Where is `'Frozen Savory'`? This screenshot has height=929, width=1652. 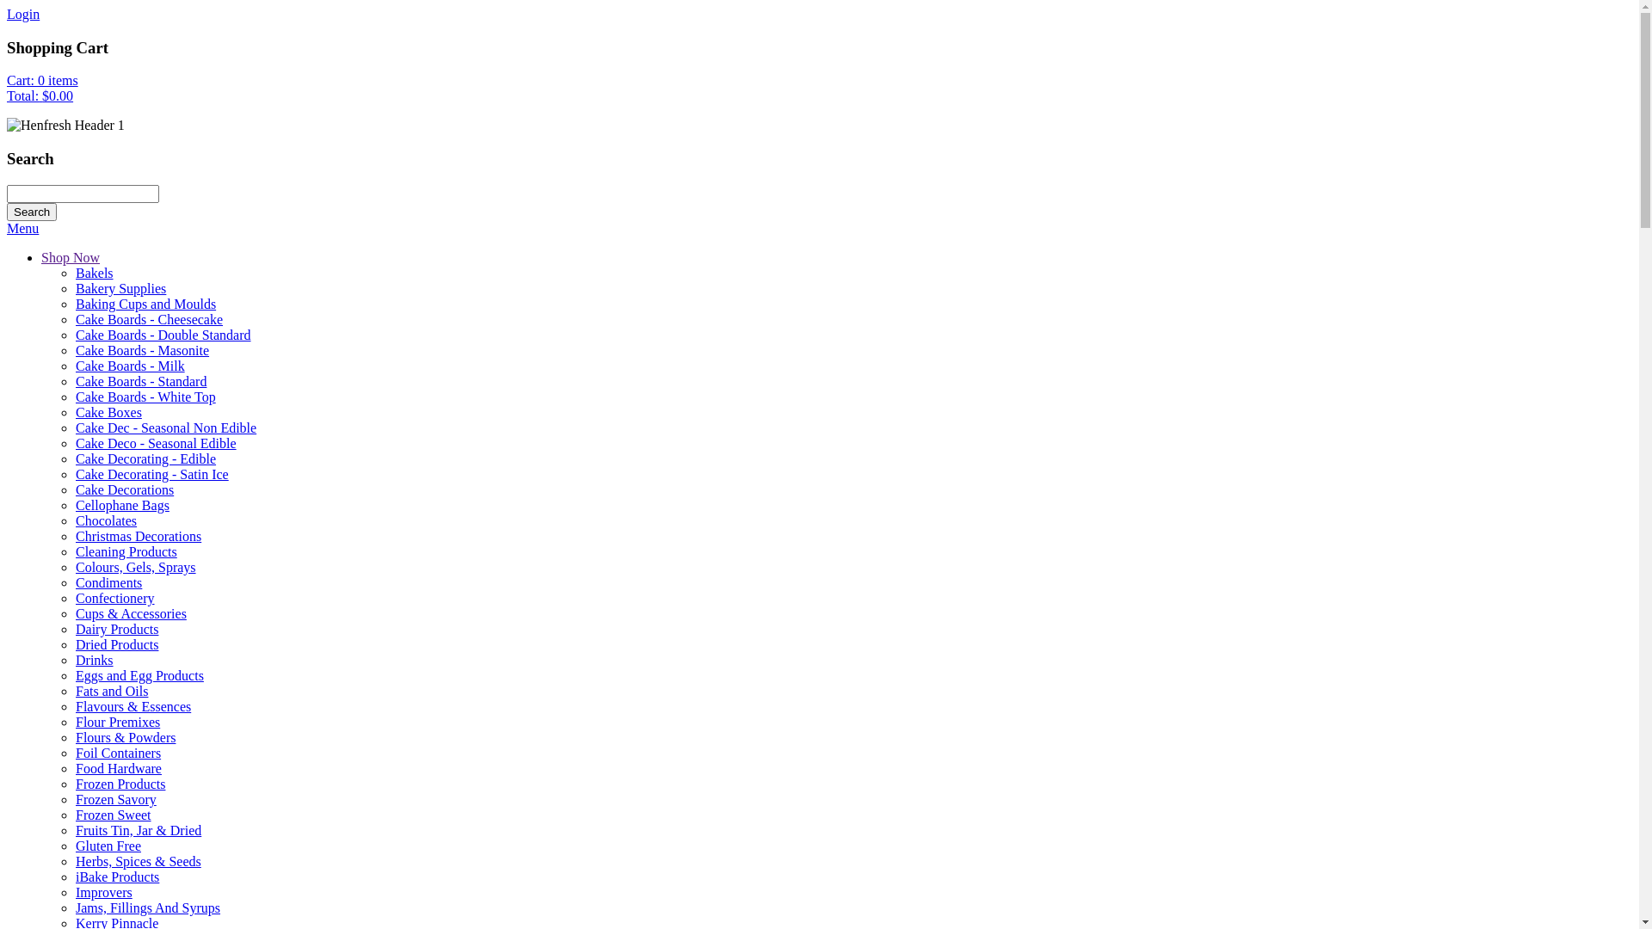
'Frozen Savory' is located at coordinates (114, 799).